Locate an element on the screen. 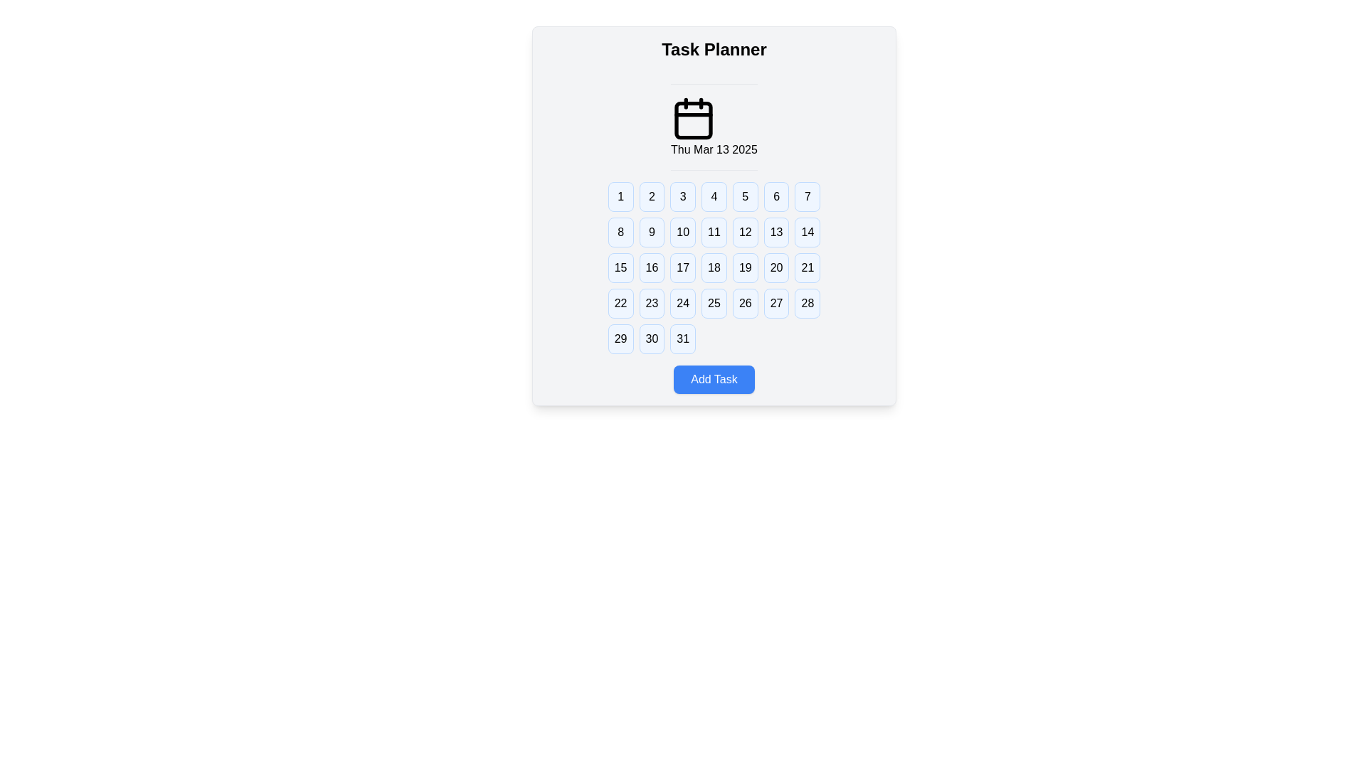 This screenshot has width=1366, height=768. the button displaying the number '13' in the calendar grid, located in the second row and sixth column beneath the 'Task Planner' title is located at coordinates (775, 232).